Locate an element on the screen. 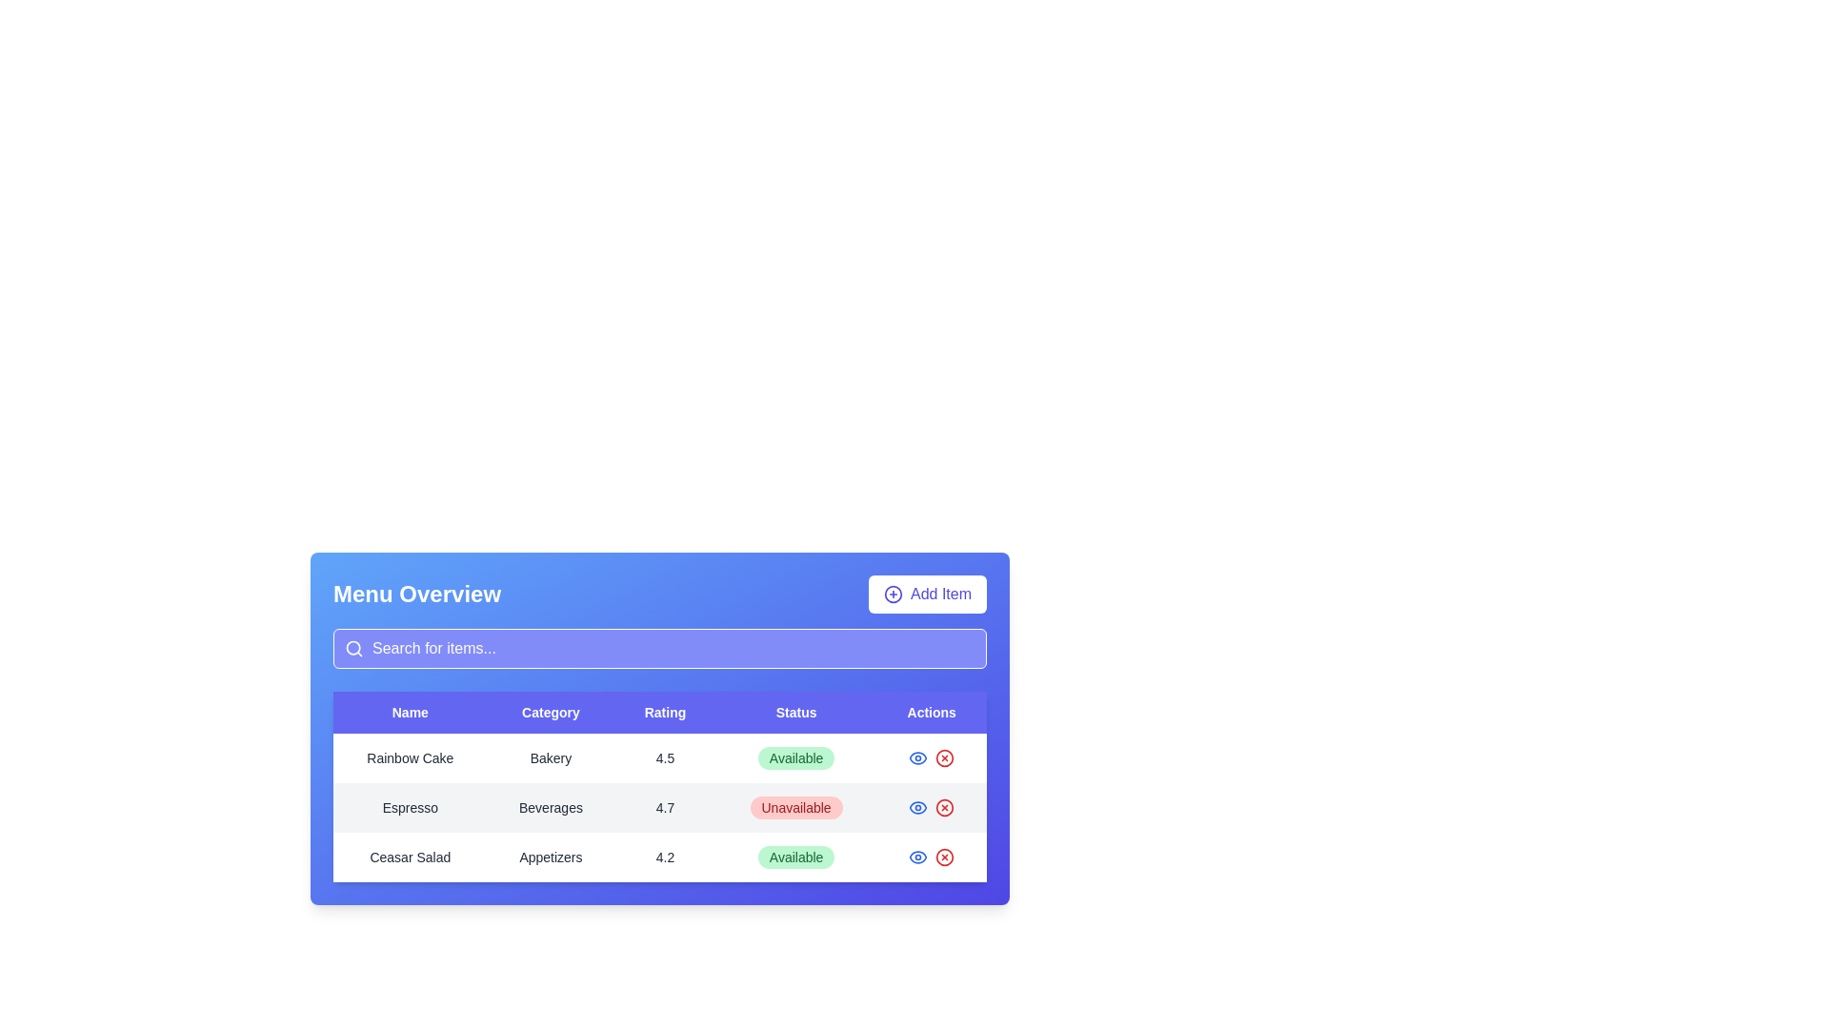 The height and width of the screenshot is (1029, 1829). the Label/Text indicating the category of the item in the second column of the first row of the table, which follows 'Name' column with 'Rainbow Cake' and precedes the 'Rating' column with '4.5' is located at coordinates (550, 757).